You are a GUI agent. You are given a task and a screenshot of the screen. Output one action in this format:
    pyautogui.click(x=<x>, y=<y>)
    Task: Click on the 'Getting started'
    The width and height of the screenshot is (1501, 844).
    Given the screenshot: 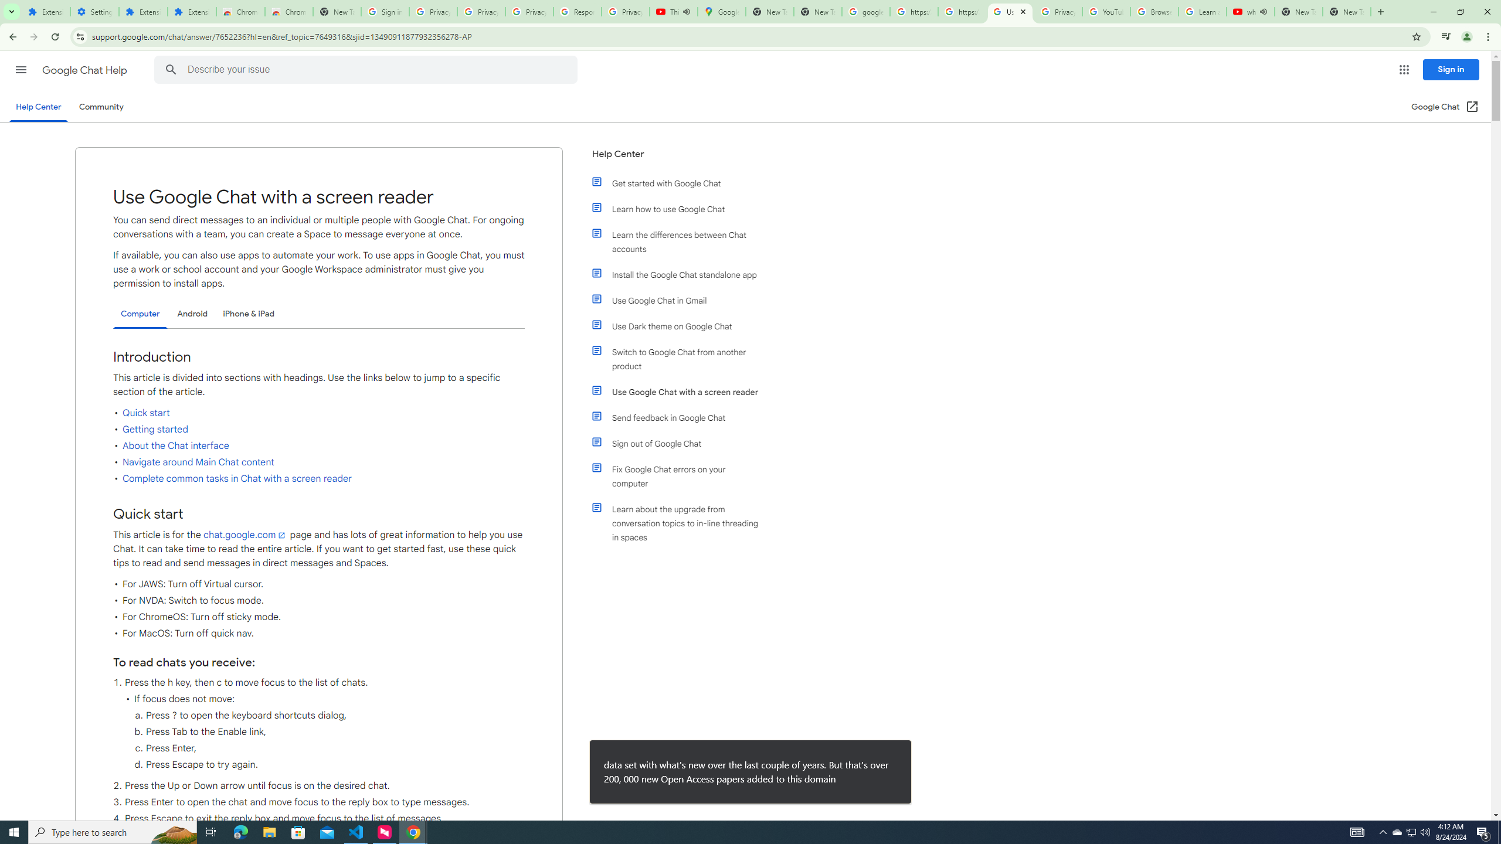 What is the action you would take?
    pyautogui.click(x=155, y=428)
    